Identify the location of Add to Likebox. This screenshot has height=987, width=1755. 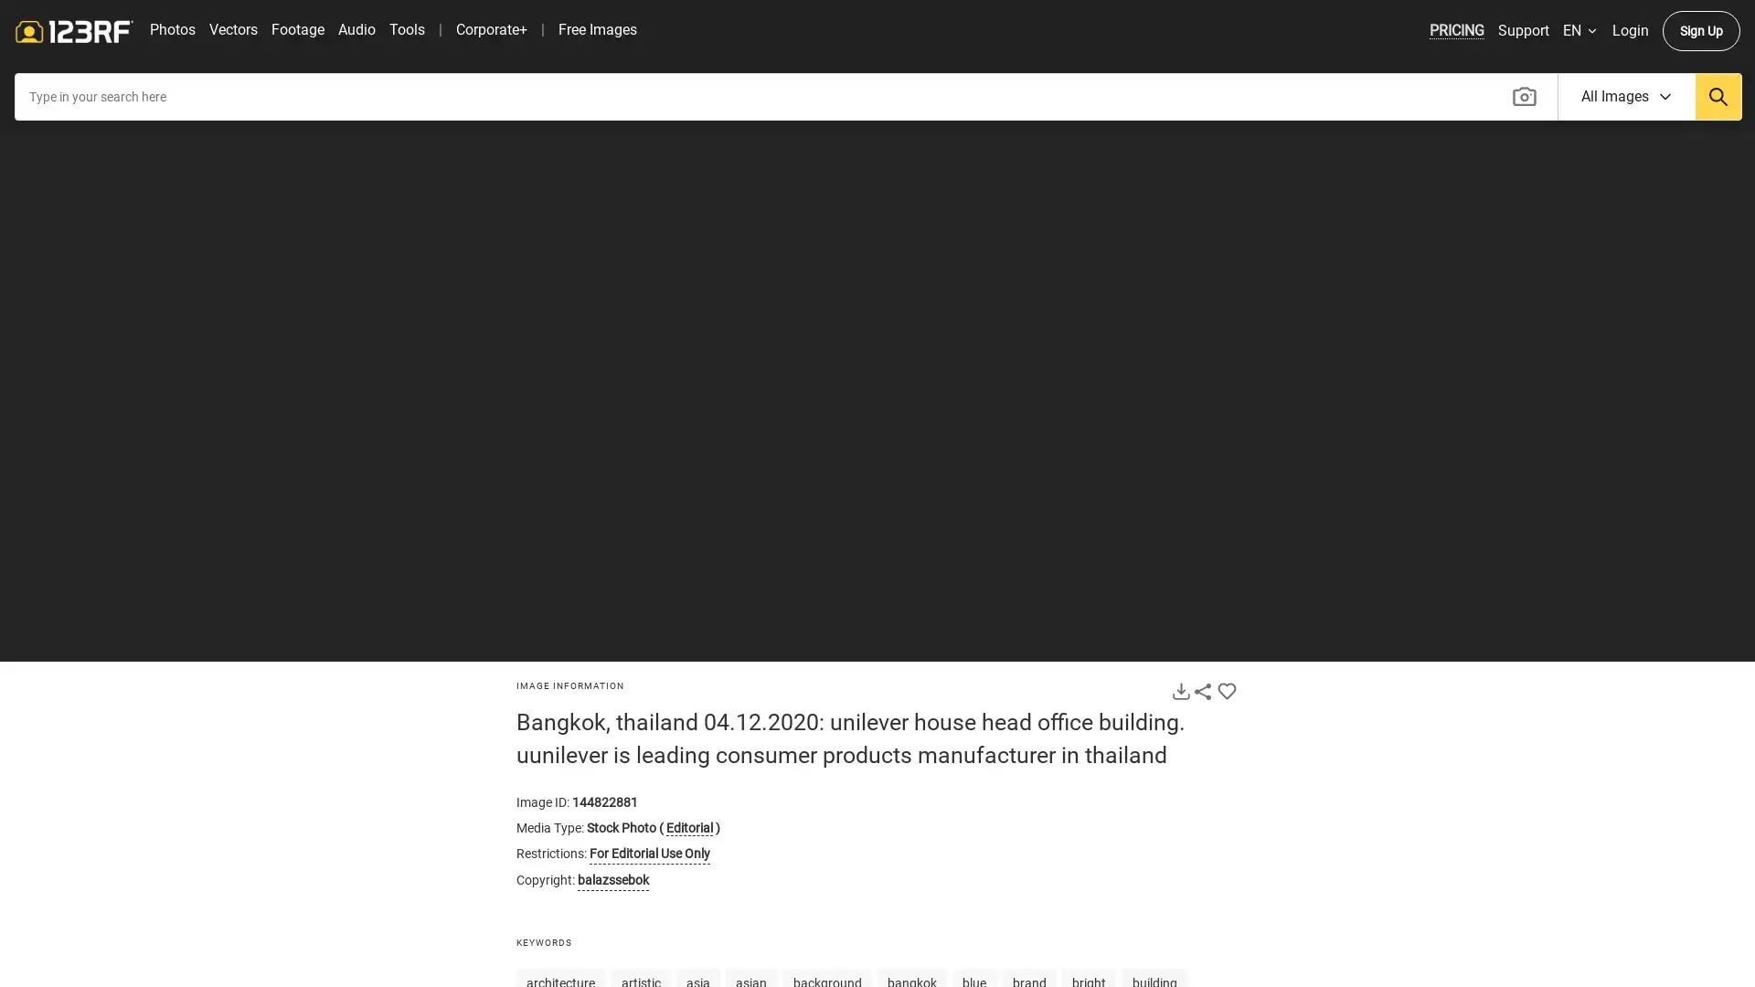
(1227, 755).